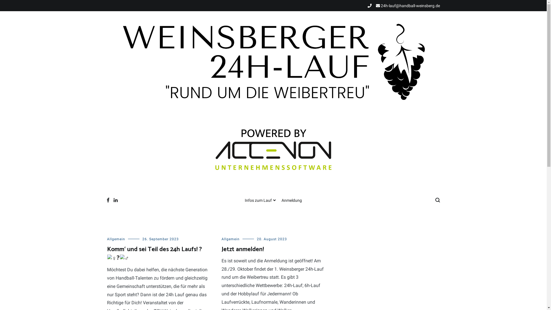 Image resolution: width=551 pixels, height=310 pixels. I want to click on 'Infos zum Lauf', so click(260, 200).